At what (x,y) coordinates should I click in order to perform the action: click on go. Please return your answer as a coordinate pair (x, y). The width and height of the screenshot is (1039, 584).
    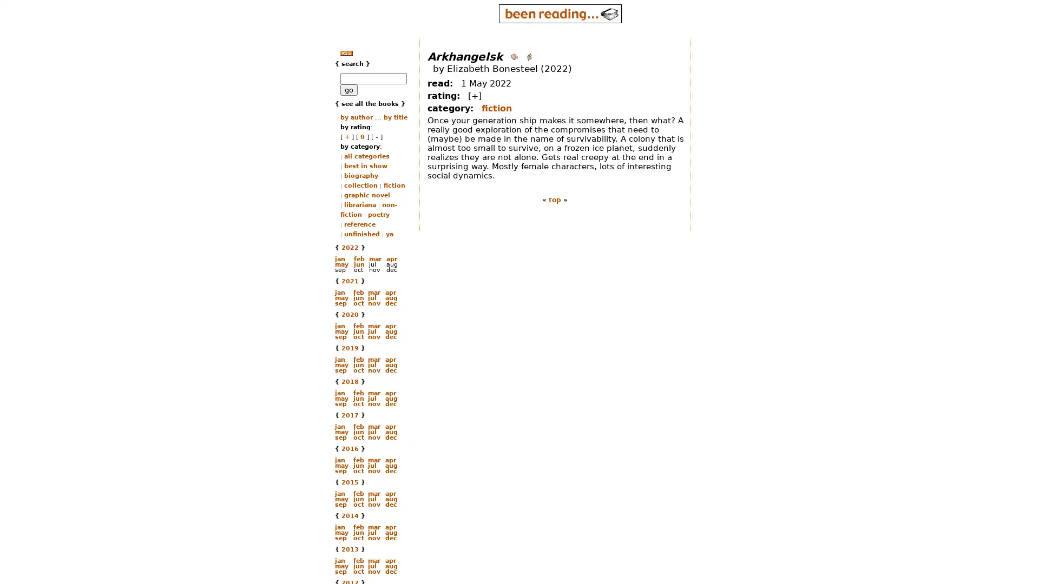
    Looking at the image, I should click on (348, 89).